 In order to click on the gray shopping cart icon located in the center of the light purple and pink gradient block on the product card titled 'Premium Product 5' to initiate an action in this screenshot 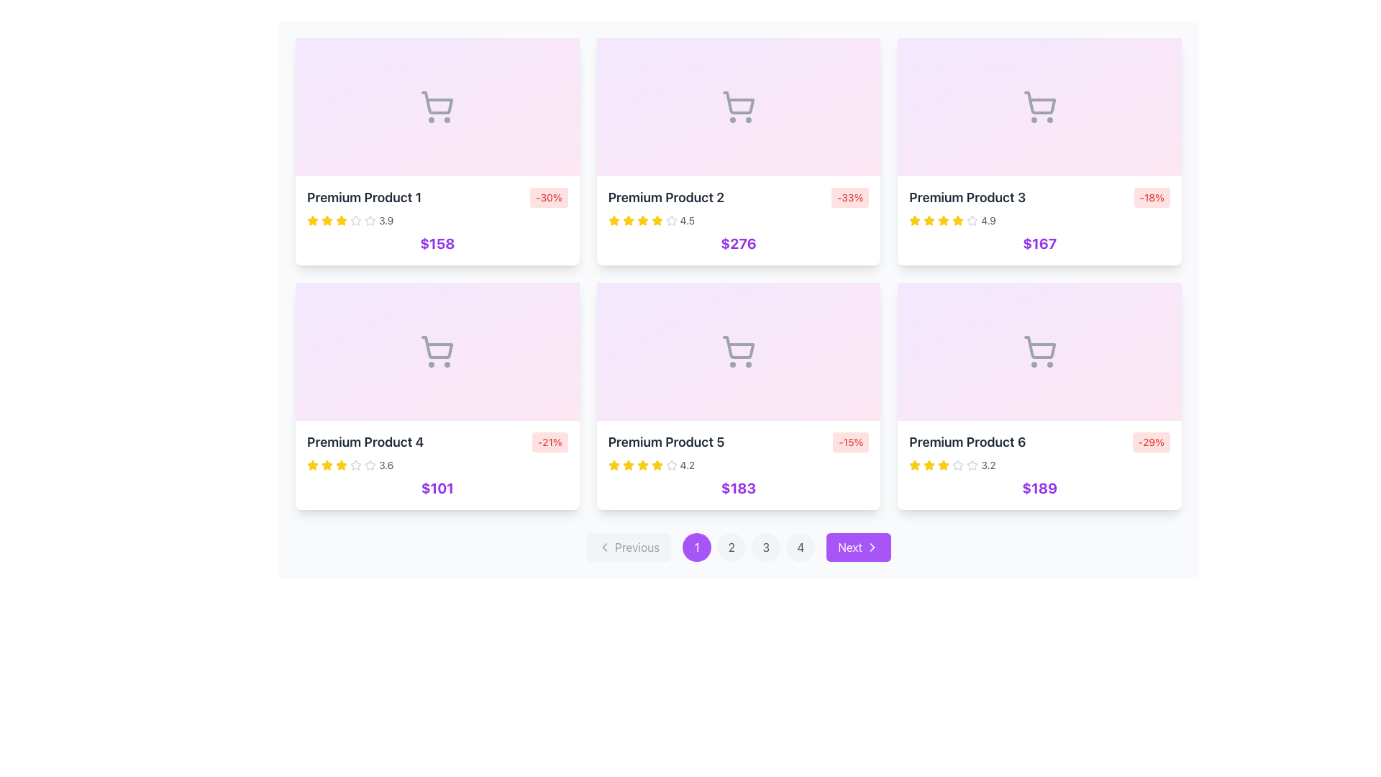, I will do `click(739, 352)`.